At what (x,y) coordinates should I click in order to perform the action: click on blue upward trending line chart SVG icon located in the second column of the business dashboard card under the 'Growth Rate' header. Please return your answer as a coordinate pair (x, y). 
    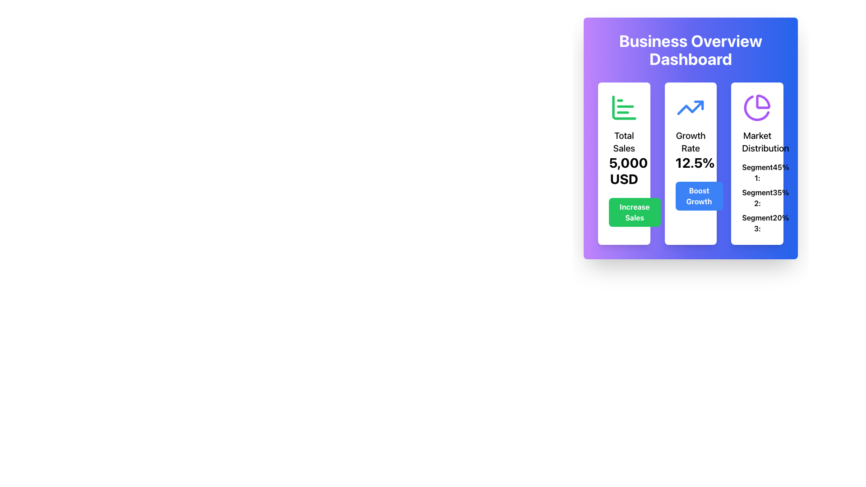
    Looking at the image, I should click on (690, 107).